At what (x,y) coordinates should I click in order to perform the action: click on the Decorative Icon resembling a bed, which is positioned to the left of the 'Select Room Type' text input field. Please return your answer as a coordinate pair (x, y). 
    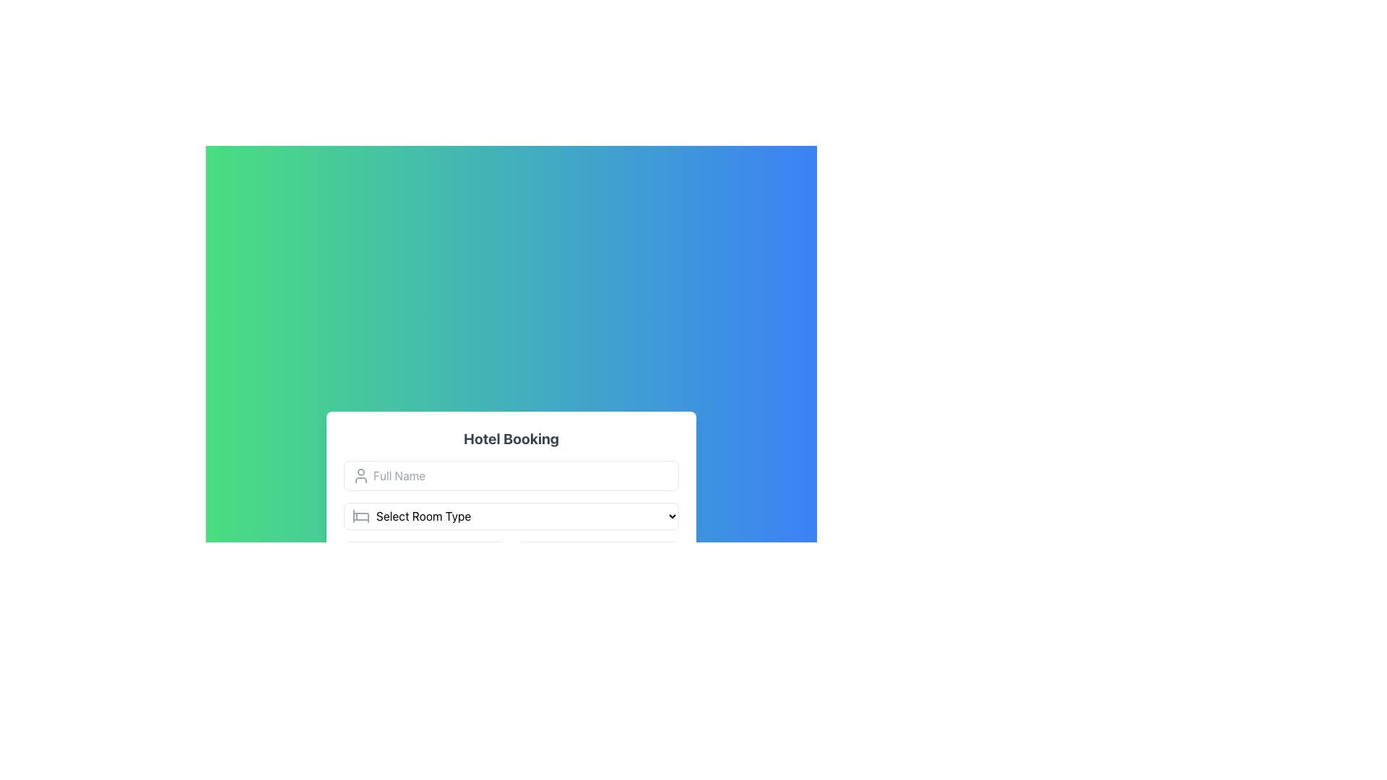
    Looking at the image, I should click on (360, 515).